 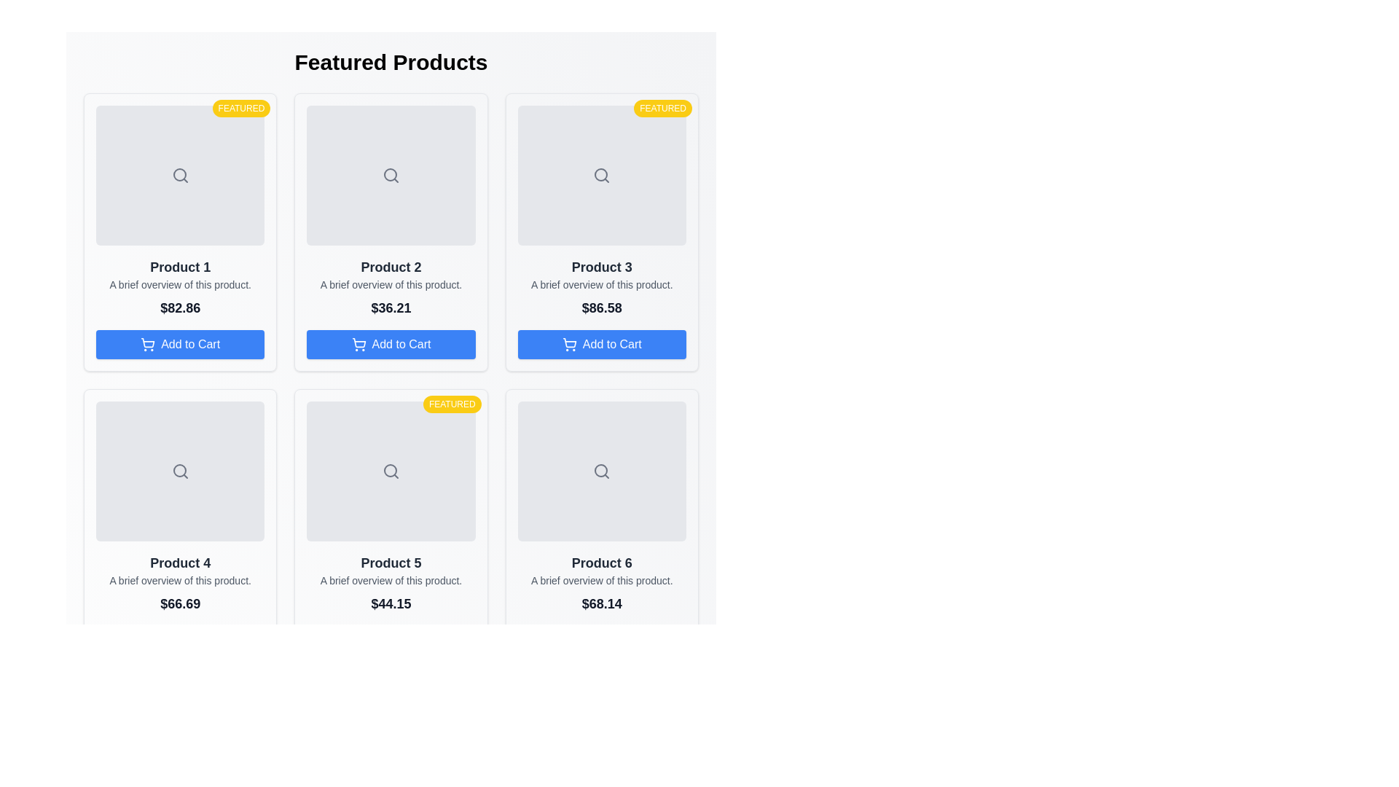 I want to click on the 'Add to Cart' button with a blue background and white text, located in the 'Product 3' section for accessibility integrations, so click(x=602, y=345).